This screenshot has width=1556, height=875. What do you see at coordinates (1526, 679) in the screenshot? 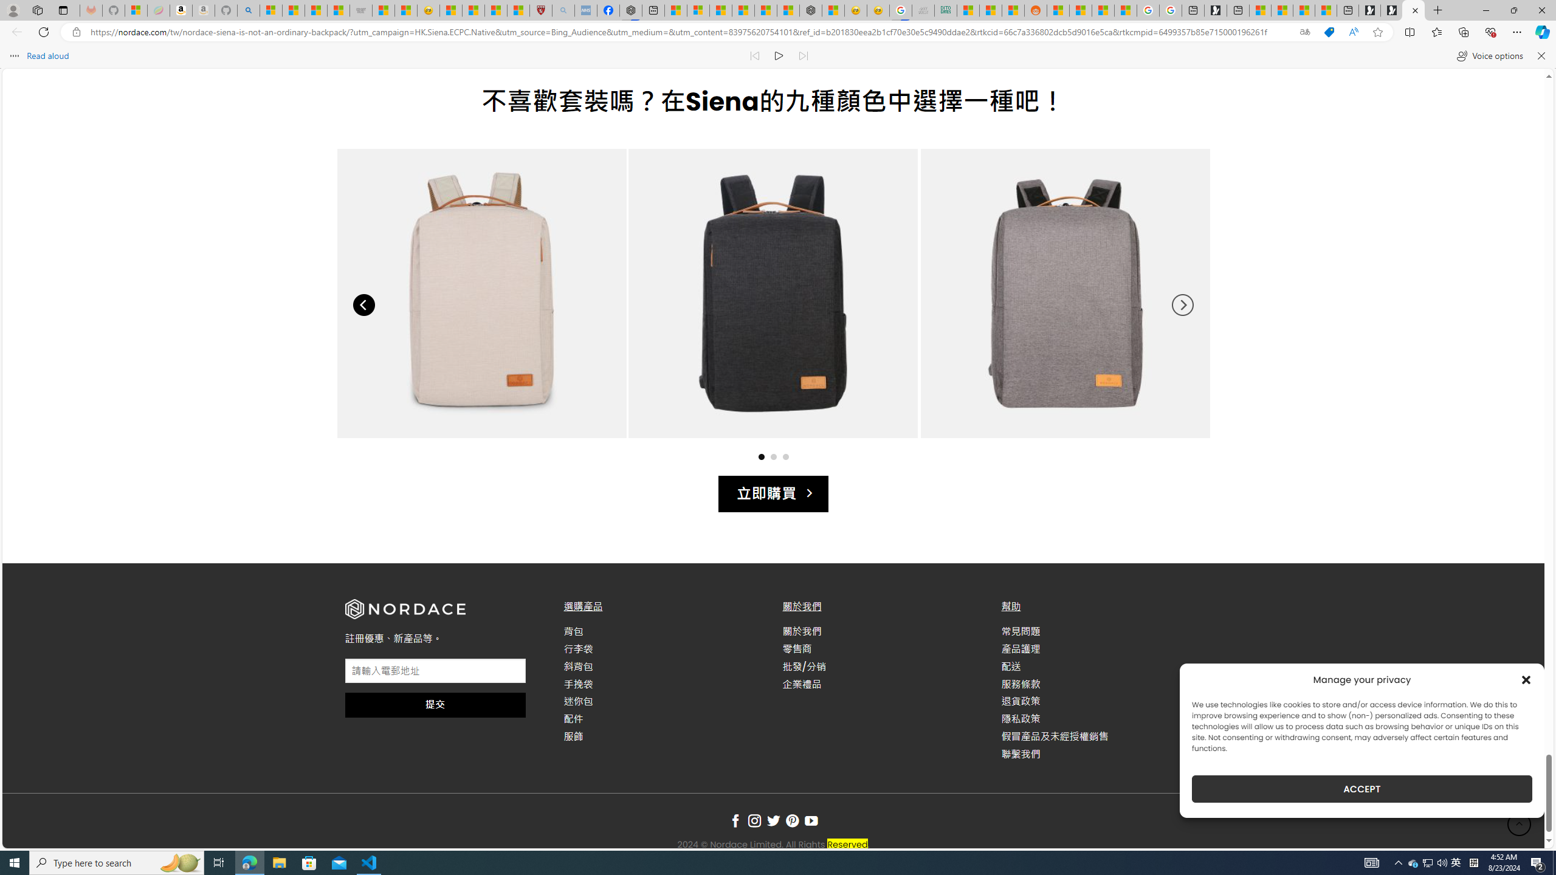
I see `'Class: cmplz-close'` at bounding box center [1526, 679].